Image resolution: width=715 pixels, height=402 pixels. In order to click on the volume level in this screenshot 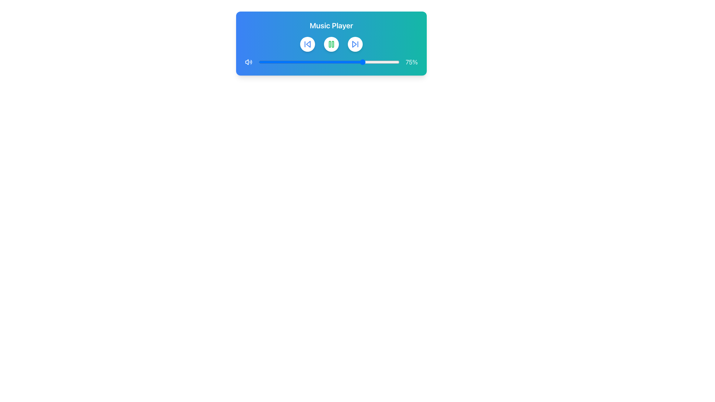, I will do `click(306, 61)`.